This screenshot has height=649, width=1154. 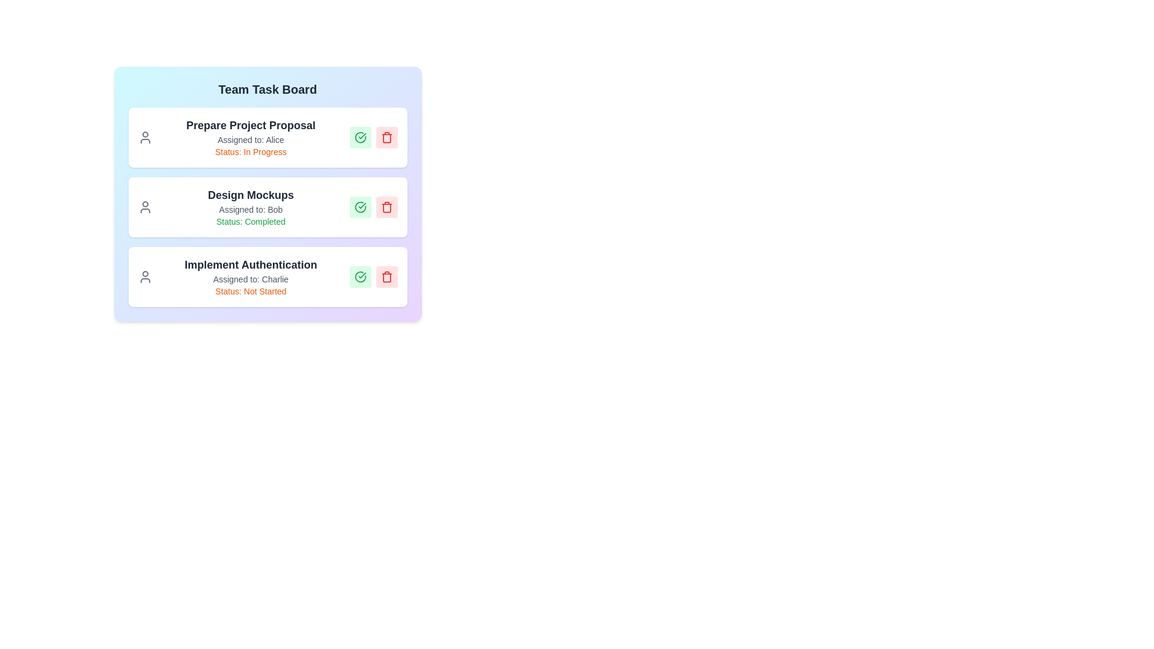 I want to click on trash button for the task titled 'Design Mockups' to delete it, so click(x=386, y=206).